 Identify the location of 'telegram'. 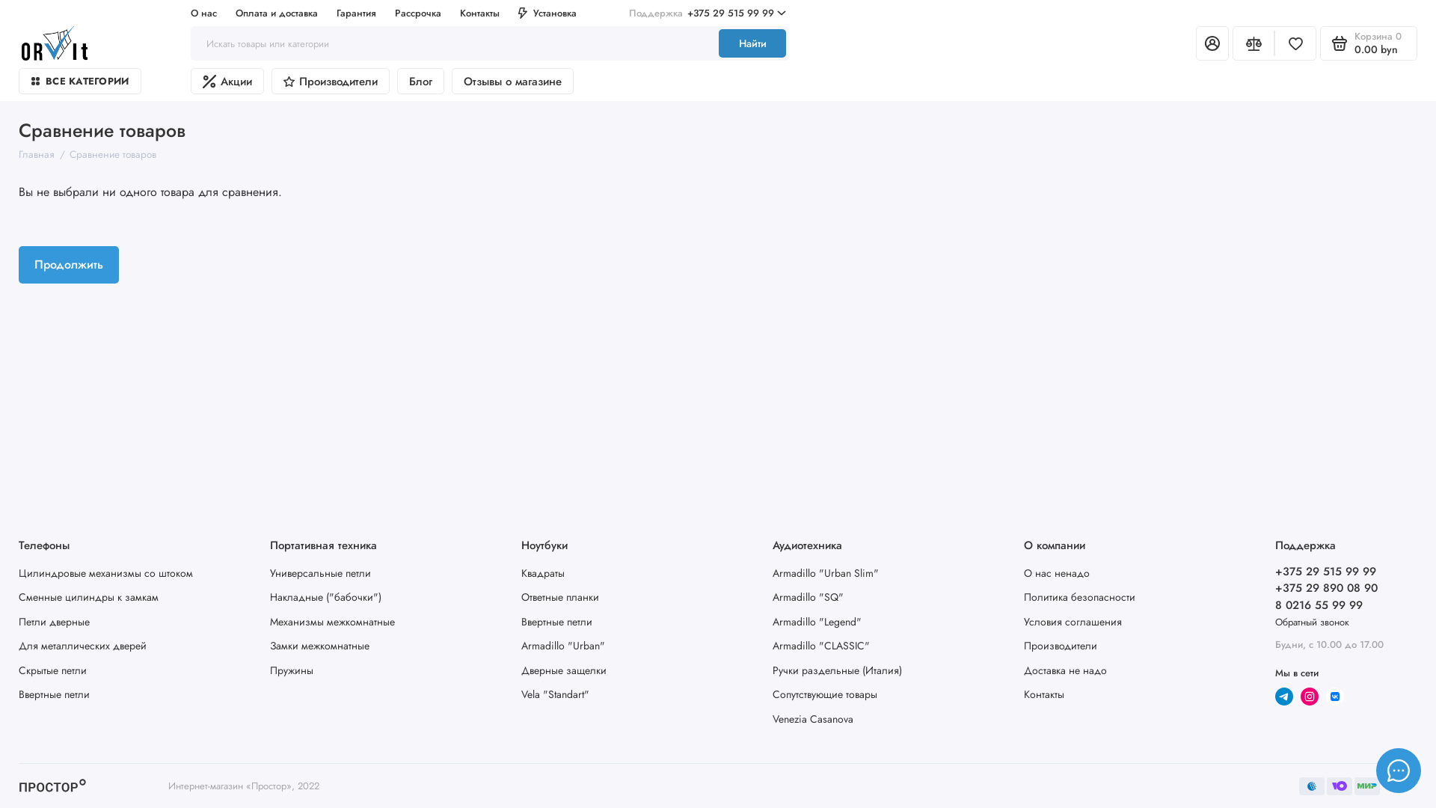
(1283, 696).